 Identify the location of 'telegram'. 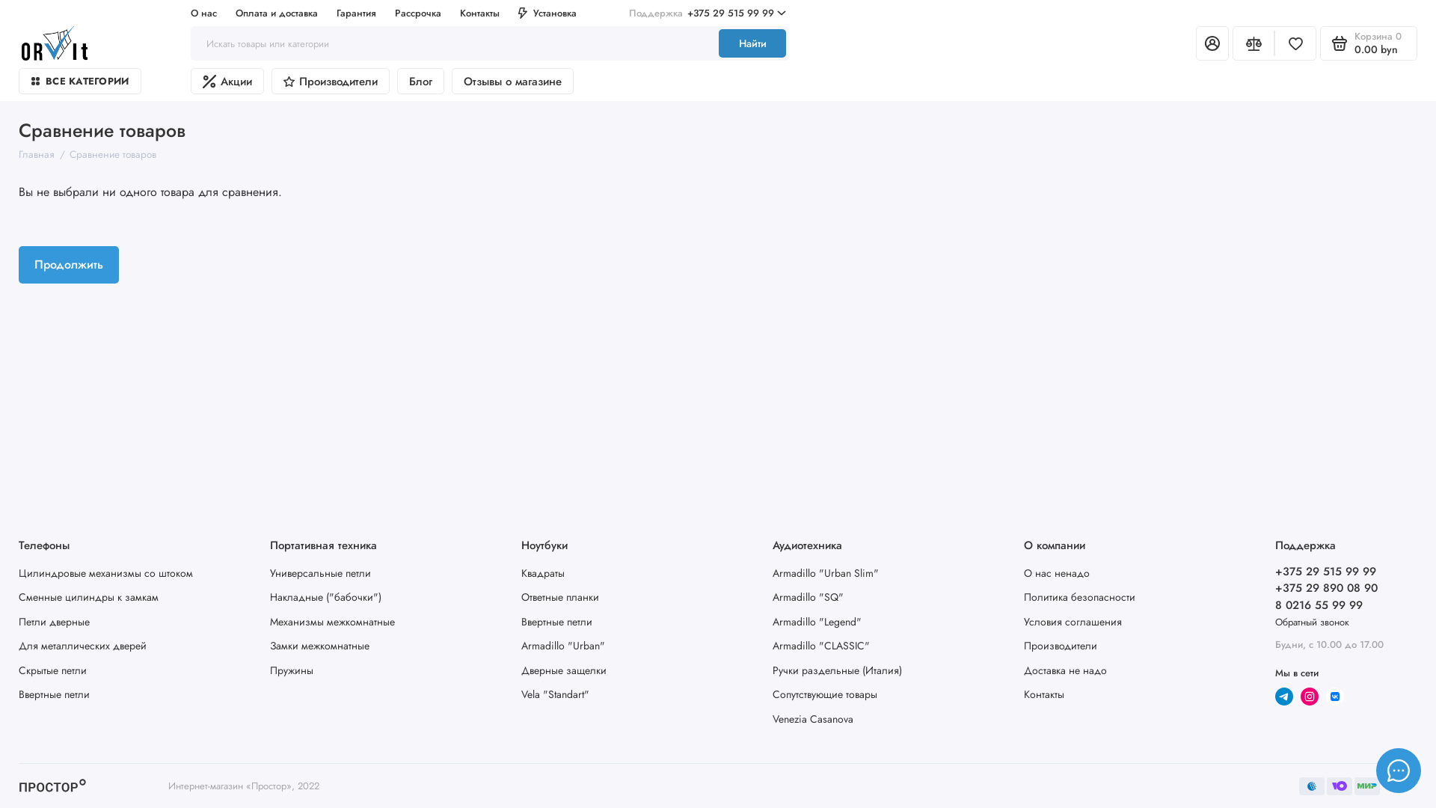
(1283, 696).